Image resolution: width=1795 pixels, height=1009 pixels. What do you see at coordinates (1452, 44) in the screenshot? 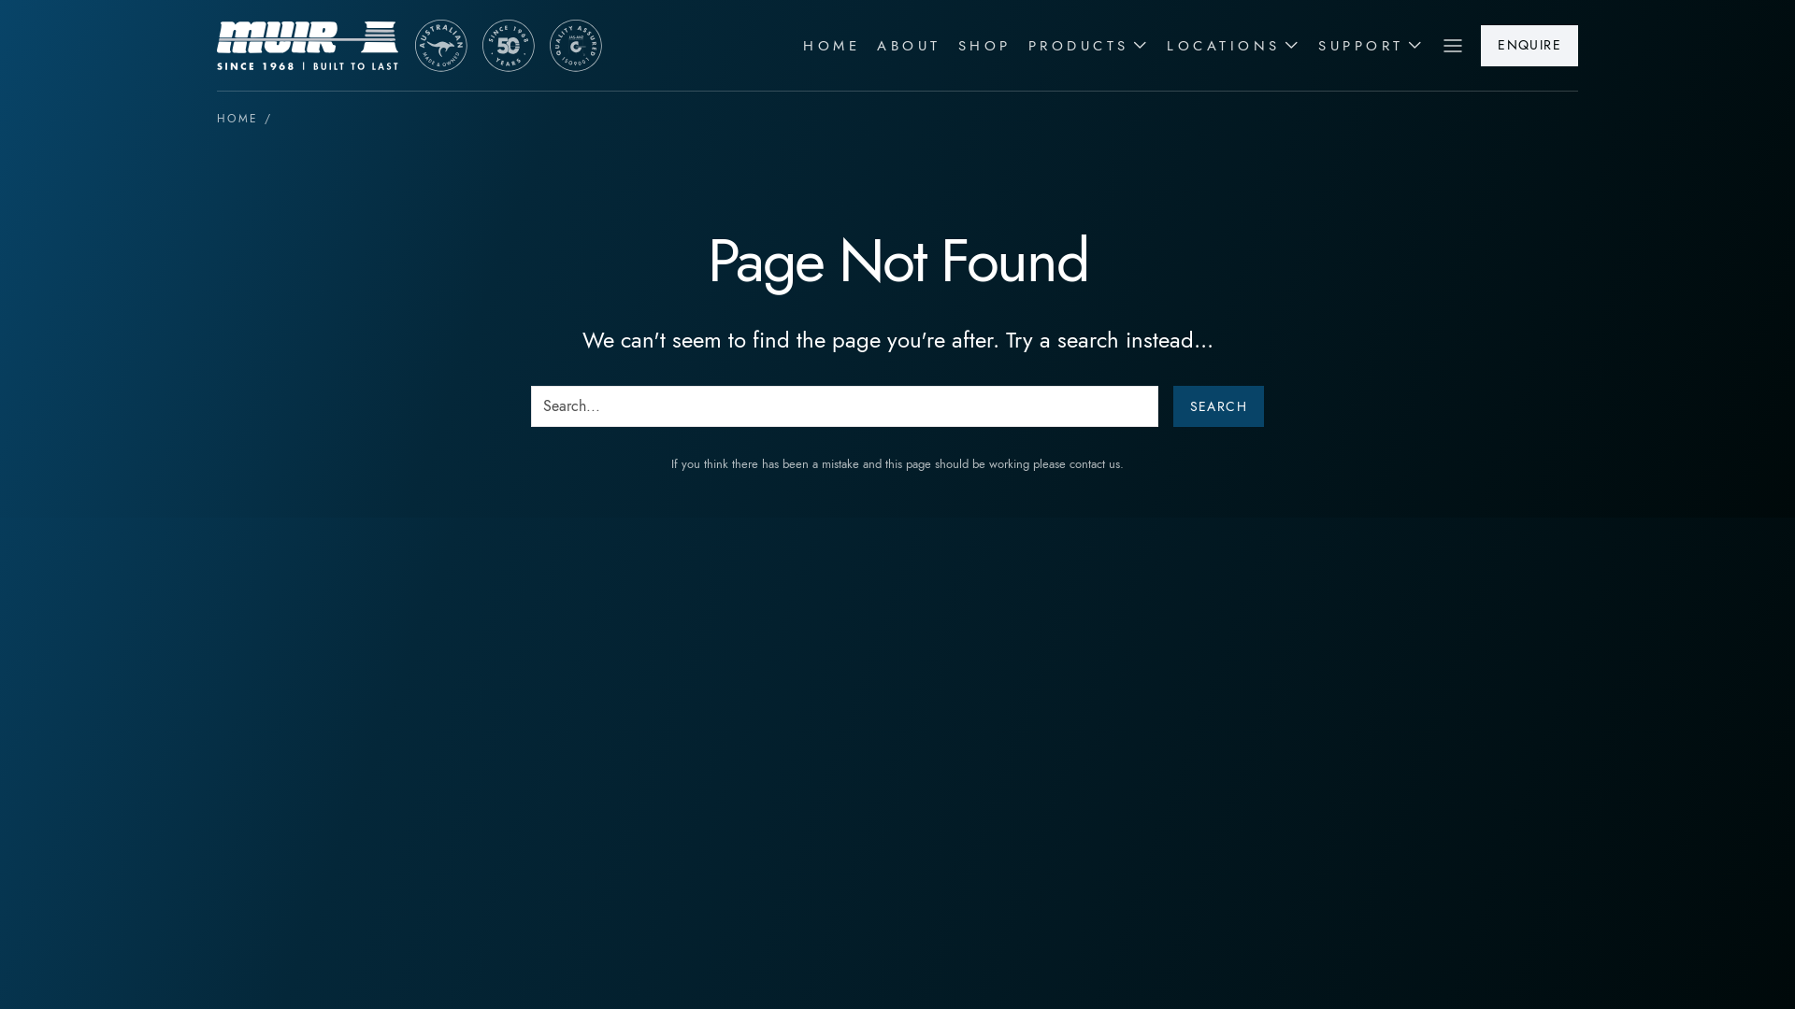
I see `'Menu'` at bounding box center [1452, 44].